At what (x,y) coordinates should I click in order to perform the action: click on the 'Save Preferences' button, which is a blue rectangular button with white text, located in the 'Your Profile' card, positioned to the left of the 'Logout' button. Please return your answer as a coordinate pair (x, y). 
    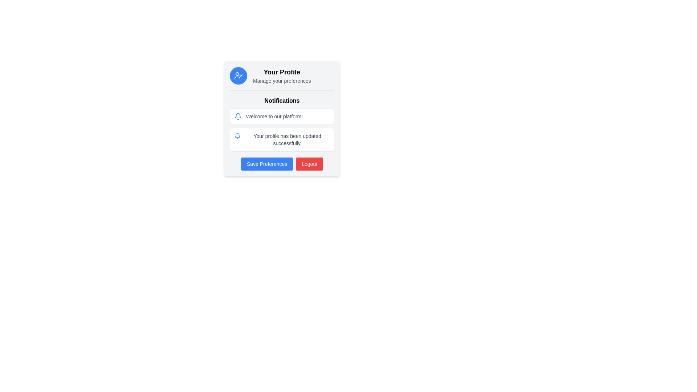
    Looking at the image, I should click on (266, 164).